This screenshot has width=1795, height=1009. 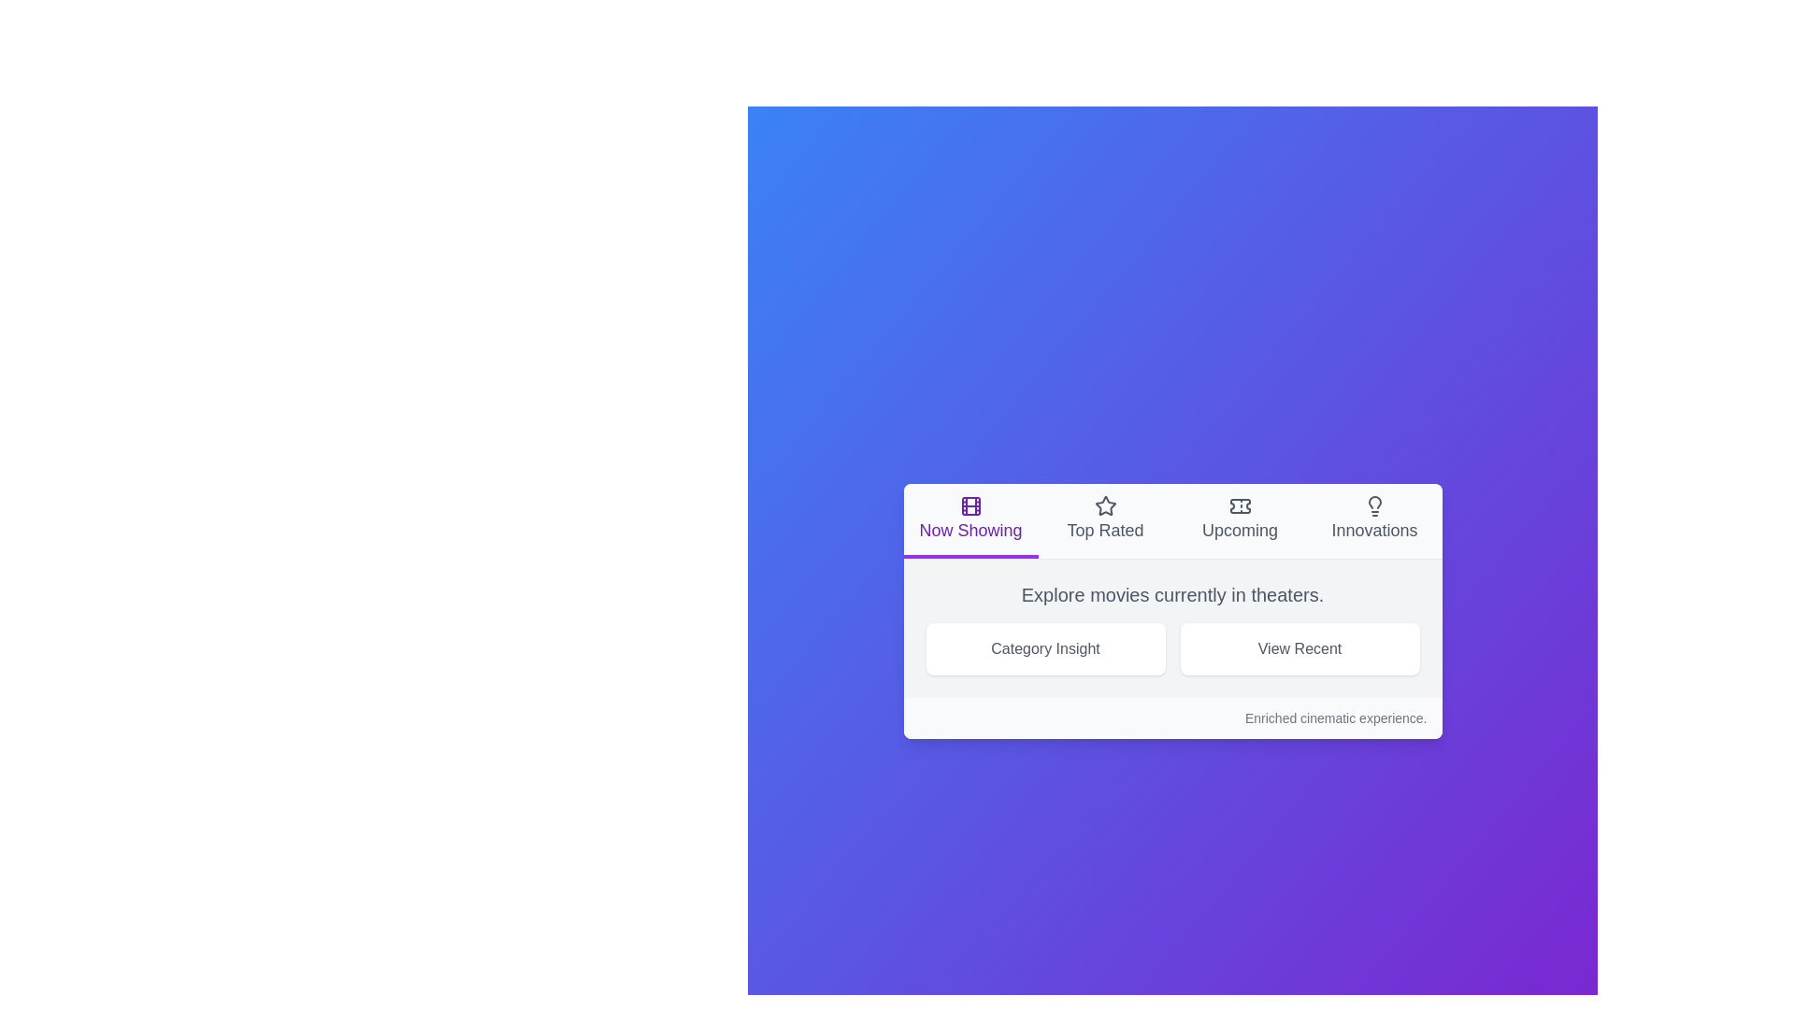 I want to click on the Navigation button labeled 'Upcoming' which features a ticket icon above the text, so click(x=1240, y=519).